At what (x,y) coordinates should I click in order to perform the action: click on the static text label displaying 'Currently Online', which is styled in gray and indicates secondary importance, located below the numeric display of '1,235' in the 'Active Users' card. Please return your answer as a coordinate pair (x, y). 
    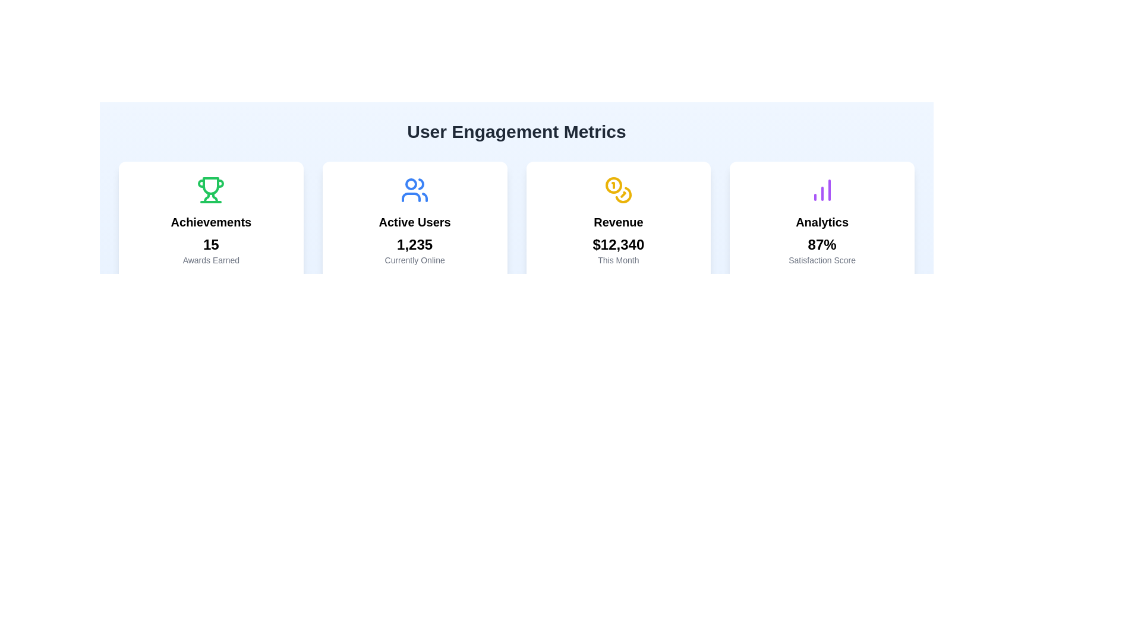
    Looking at the image, I should click on (415, 260).